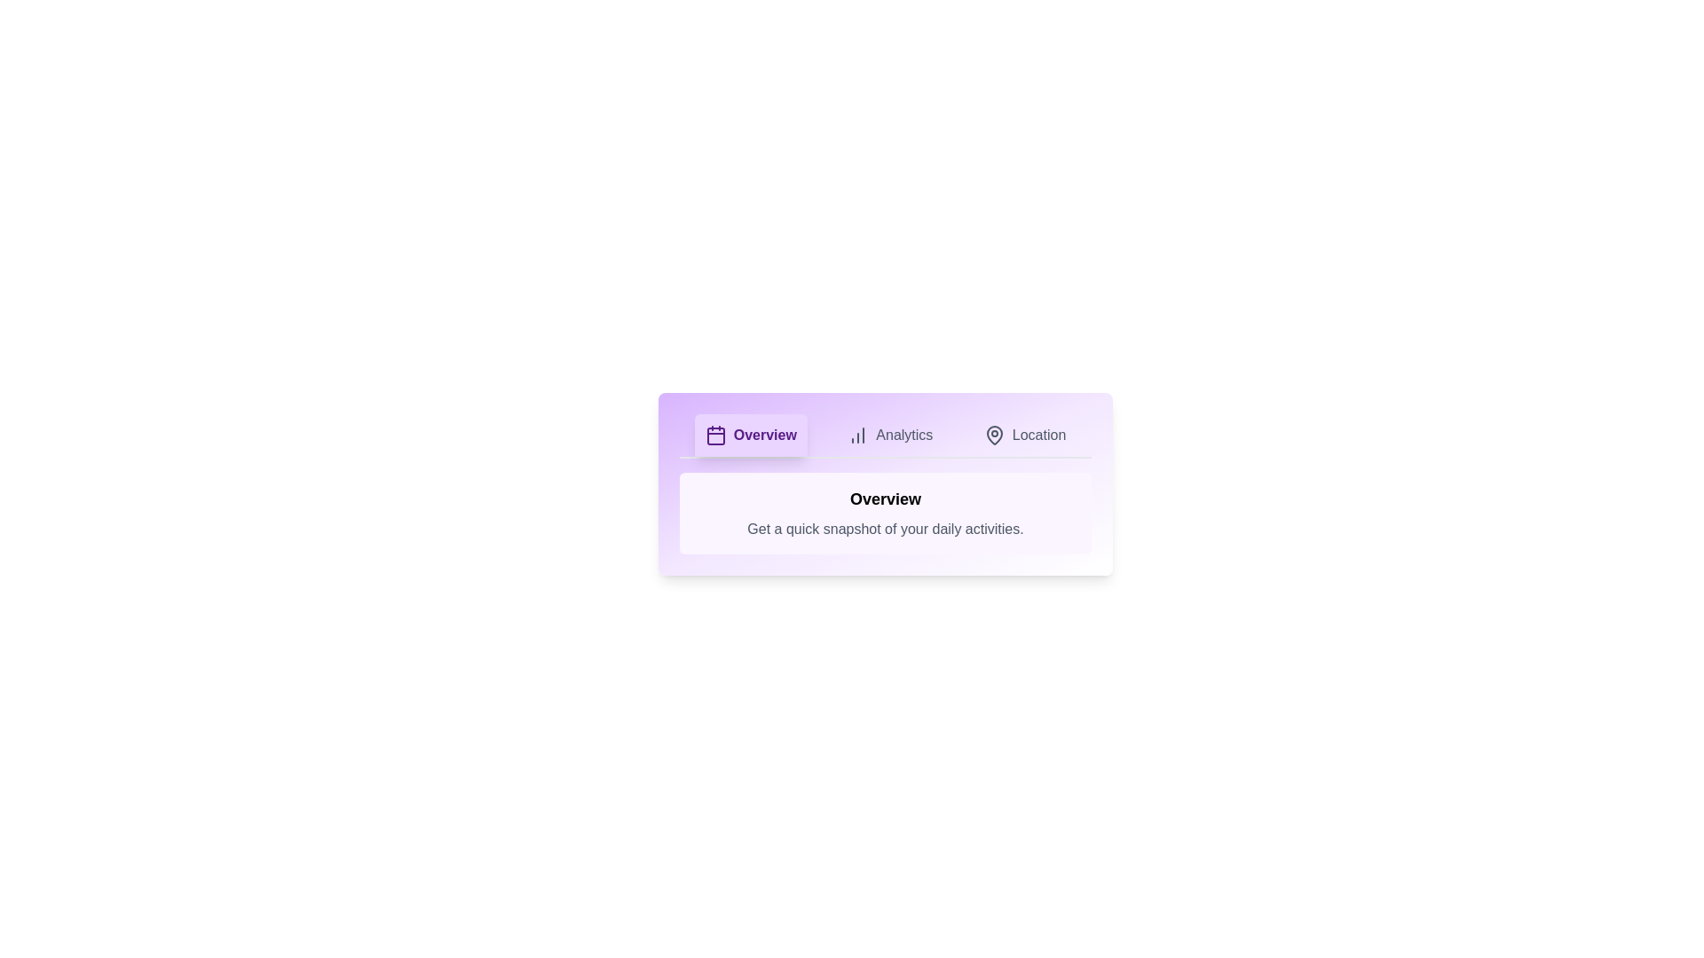 This screenshot has width=1704, height=958. What do you see at coordinates (890, 435) in the screenshot?
I see `the tab button labeled 'Analytics' to observe its hover effect` at bounding box center [890, 435].